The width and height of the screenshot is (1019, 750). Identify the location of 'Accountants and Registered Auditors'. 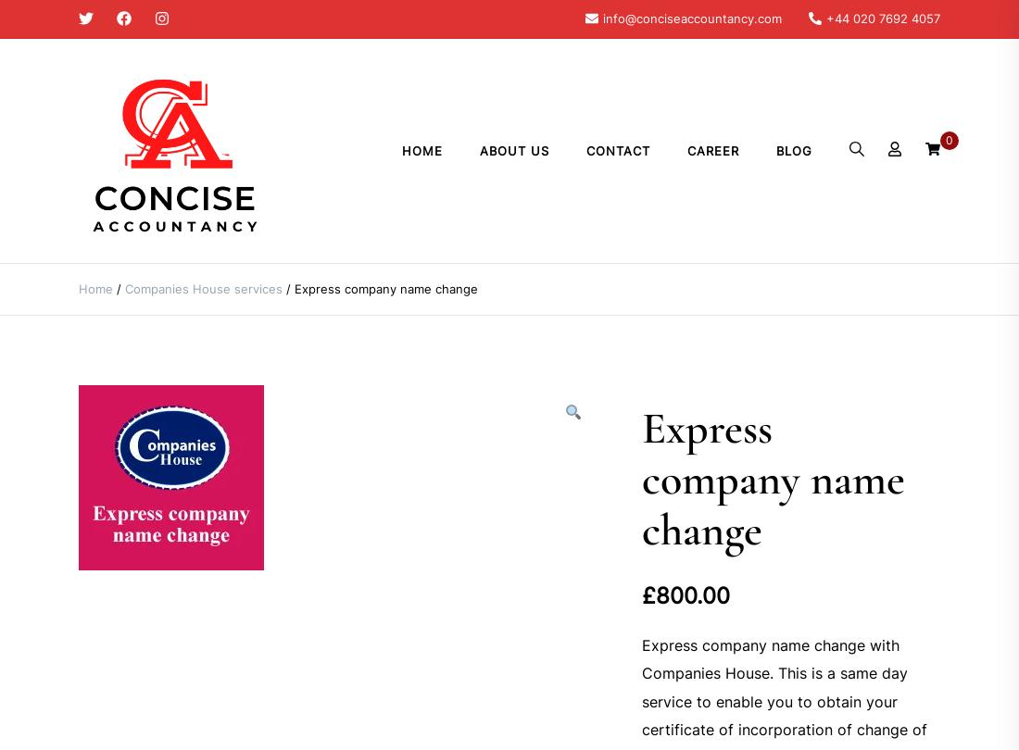
(176, 271).